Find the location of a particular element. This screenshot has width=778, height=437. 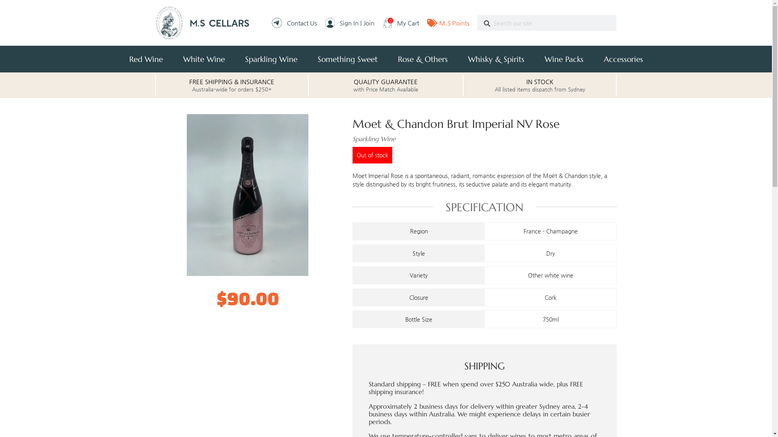

'White Wine' is located at coordinates (203, 59).